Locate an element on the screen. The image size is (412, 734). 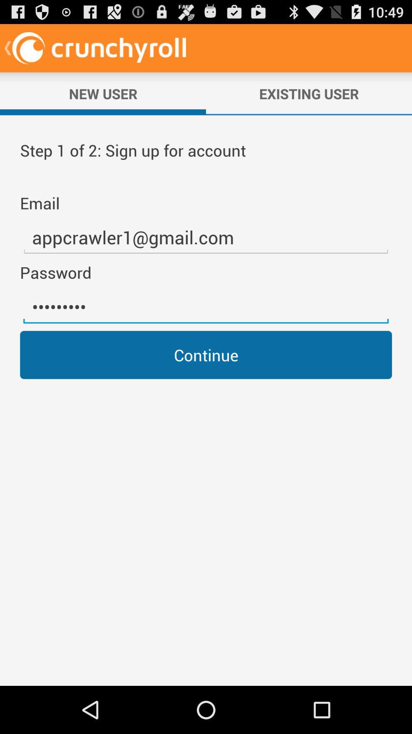
the icon to the left of the existing user icon is located at coordinates (103, 93).